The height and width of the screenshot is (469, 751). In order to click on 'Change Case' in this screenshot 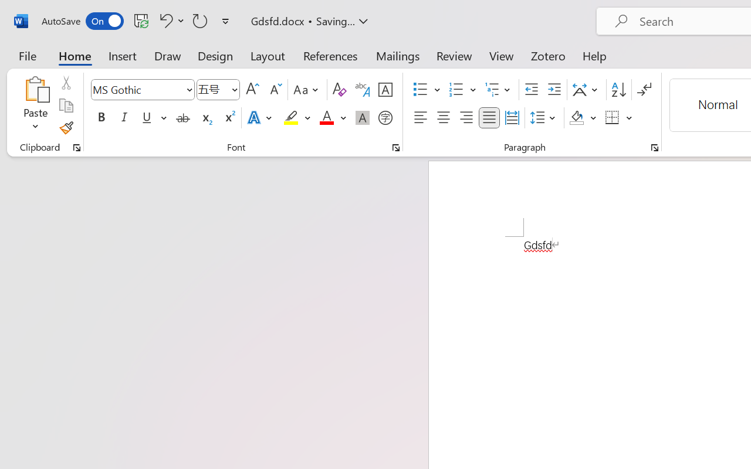, I will do `click(307, 90)`.